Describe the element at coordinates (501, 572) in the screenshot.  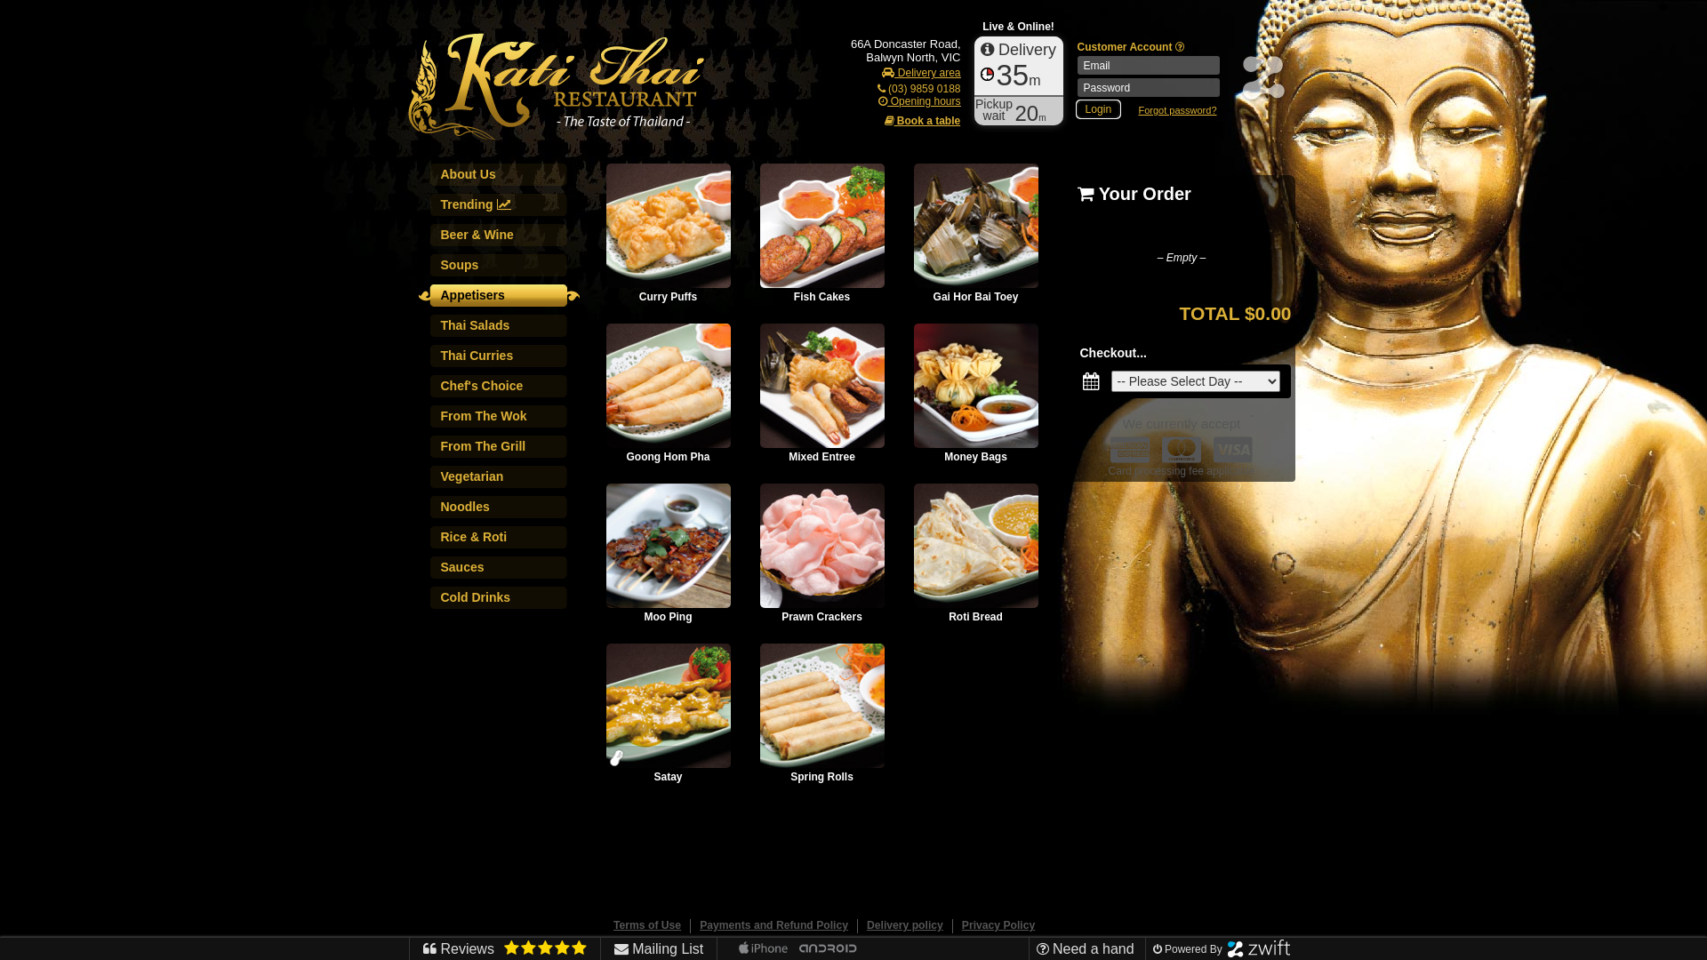
I see `'Sauces'` at that location.